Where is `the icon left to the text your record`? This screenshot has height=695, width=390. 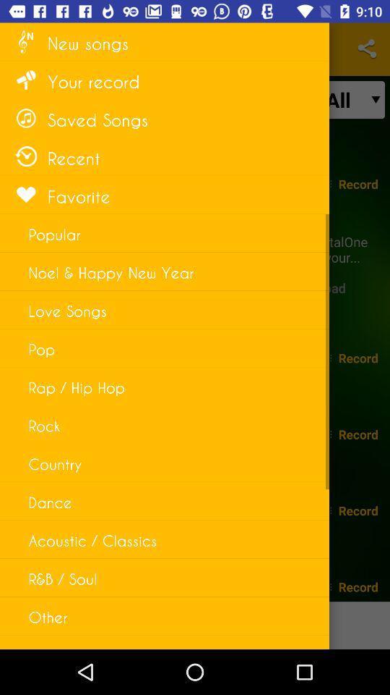 the icon left to the text your record is located at coordinates (26, 80).